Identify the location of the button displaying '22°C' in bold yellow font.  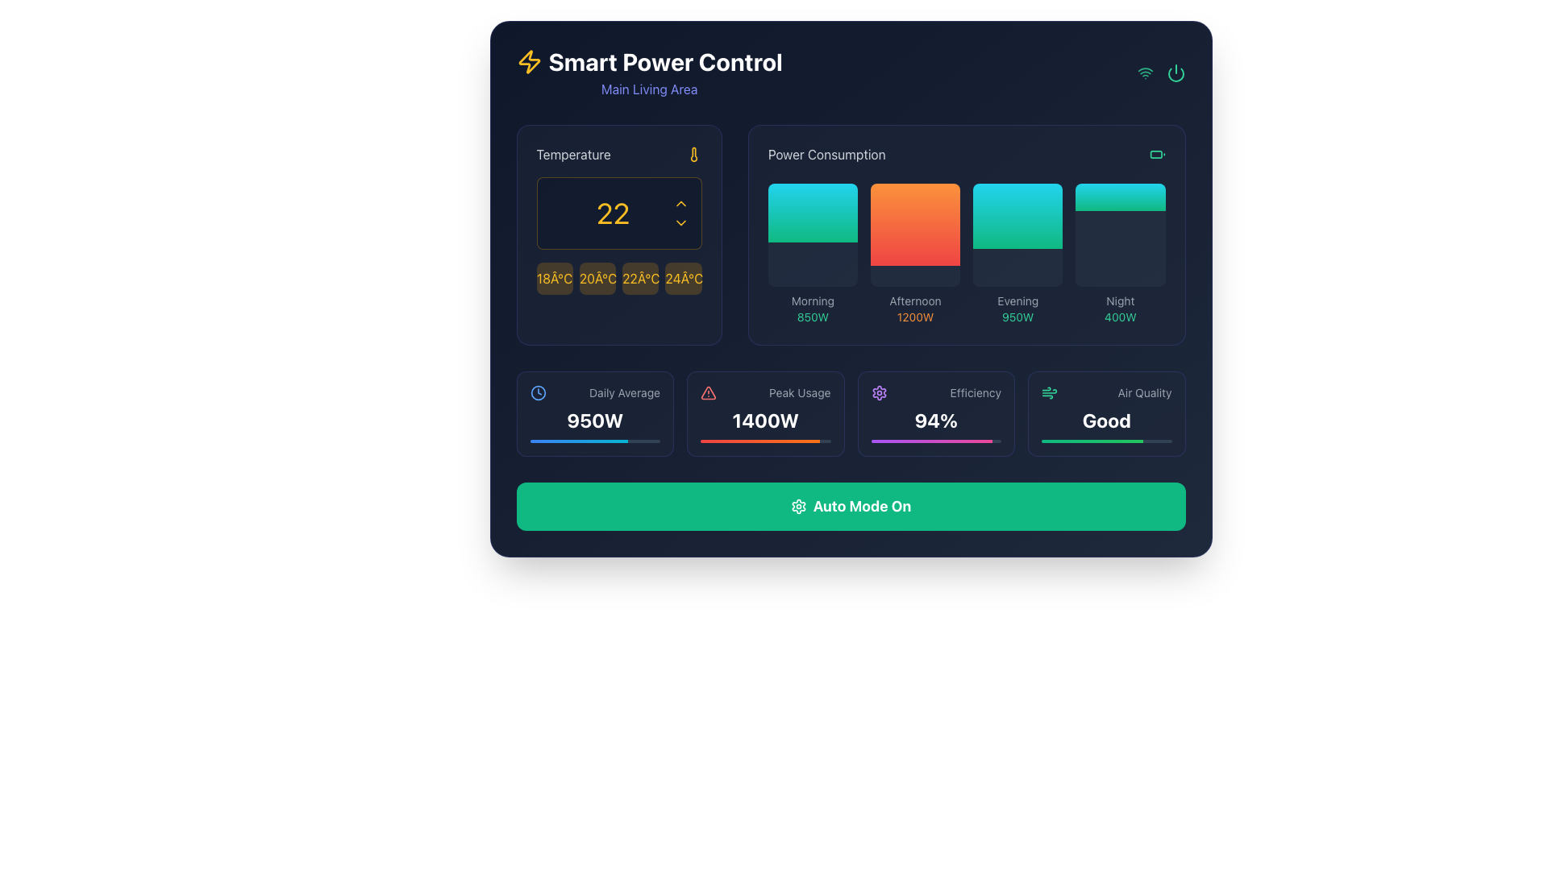
(639, 278).